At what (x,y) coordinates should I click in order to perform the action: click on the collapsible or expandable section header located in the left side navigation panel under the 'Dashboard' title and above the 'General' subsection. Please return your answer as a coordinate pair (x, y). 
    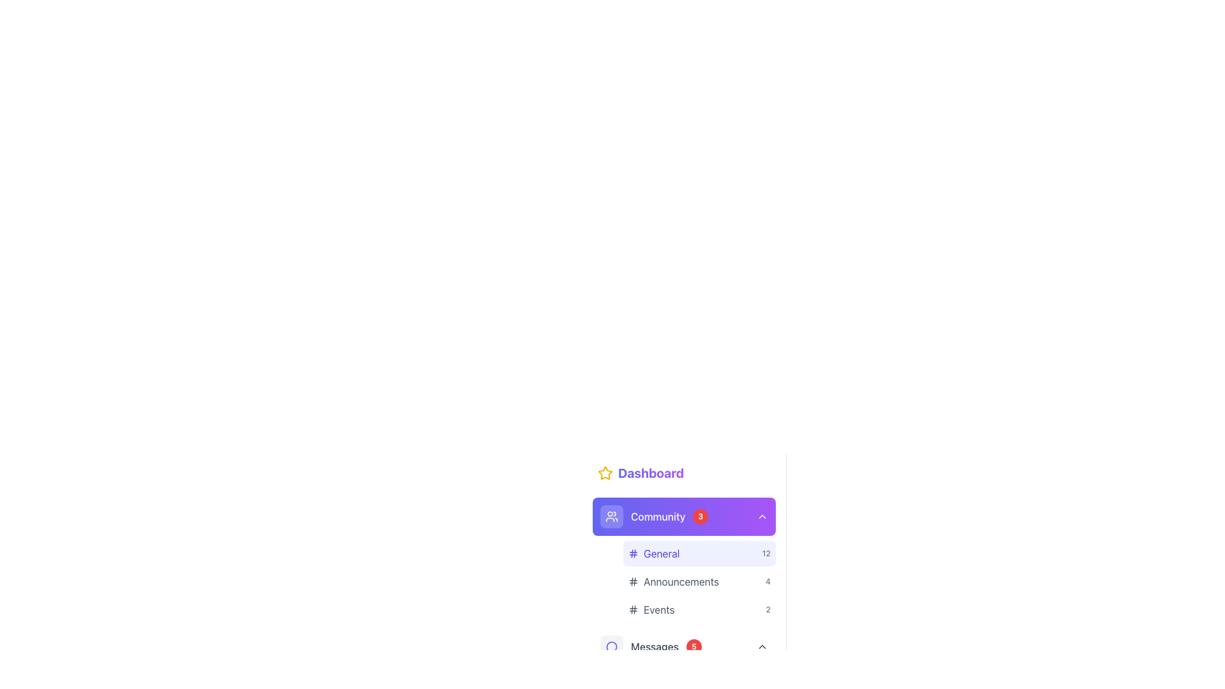
    Looking at the image, I should click on (683, 517).